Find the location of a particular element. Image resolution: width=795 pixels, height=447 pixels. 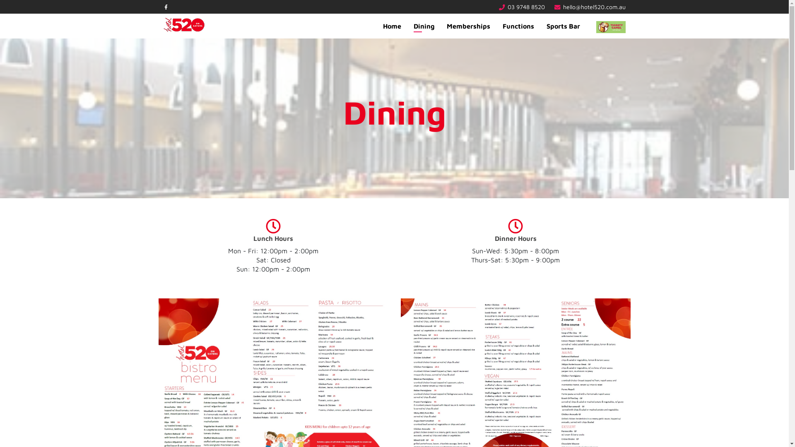

'Sports Bar' is located at coordinates (563, 25).